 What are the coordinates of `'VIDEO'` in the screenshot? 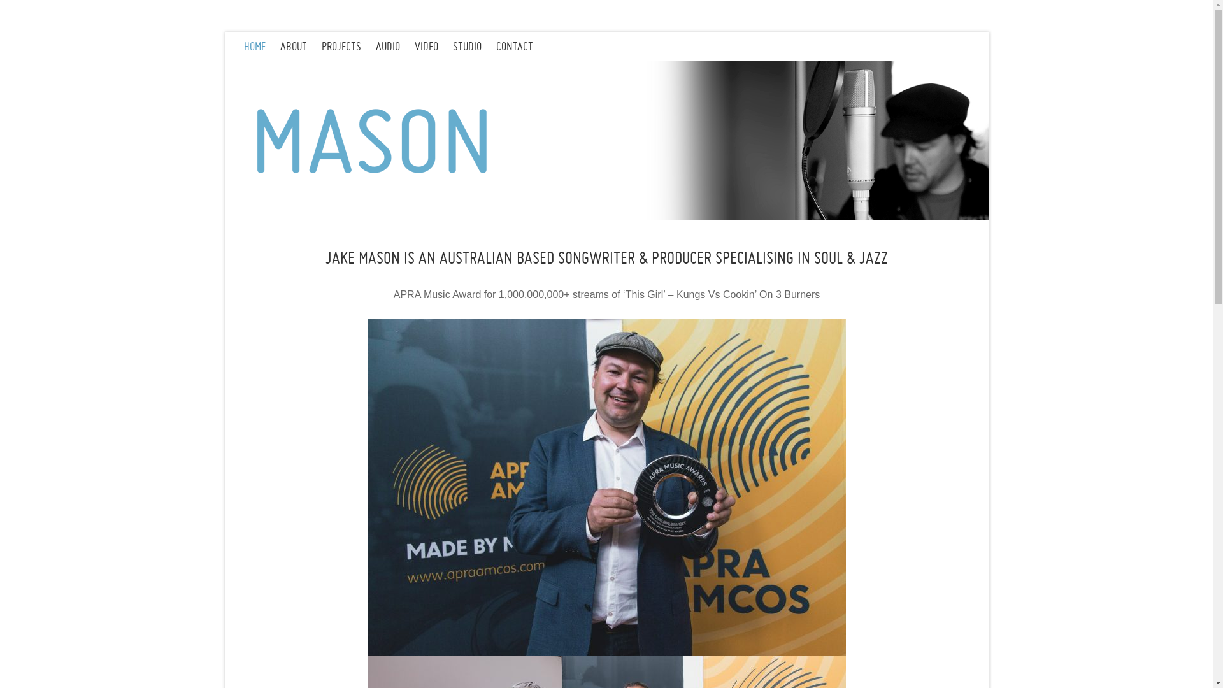 It's located at (433, 45).